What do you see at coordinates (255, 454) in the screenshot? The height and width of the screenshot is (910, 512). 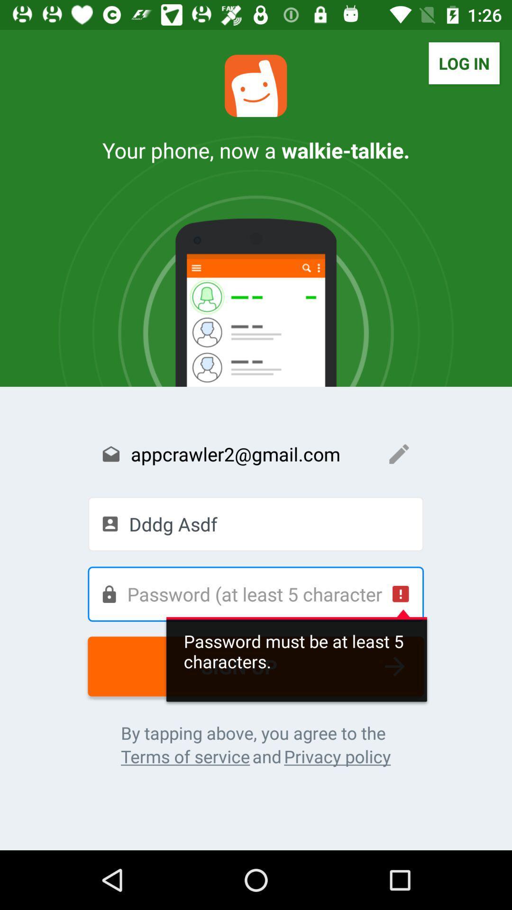 I see `the text field appcrawler2gmailcom` at bounding box center [255, 454].